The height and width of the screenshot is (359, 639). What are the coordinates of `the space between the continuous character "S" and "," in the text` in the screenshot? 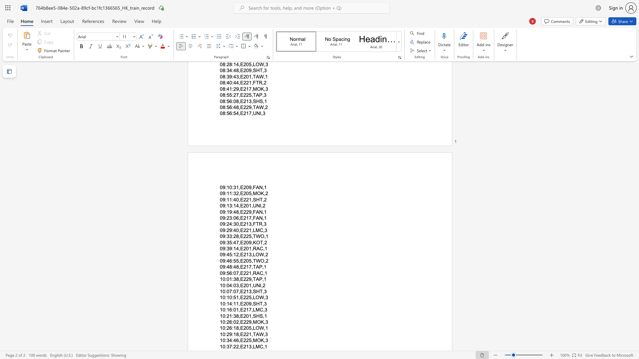 It's located at (262, 315).